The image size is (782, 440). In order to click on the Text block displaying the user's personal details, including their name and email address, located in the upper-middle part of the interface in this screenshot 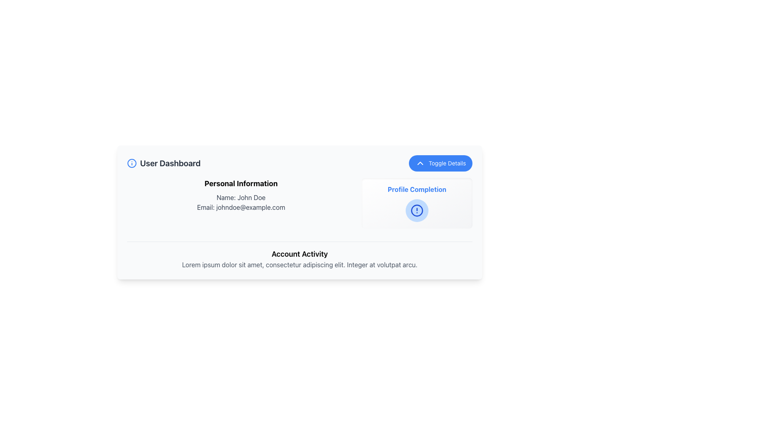, I will do `click(240, 202)`.